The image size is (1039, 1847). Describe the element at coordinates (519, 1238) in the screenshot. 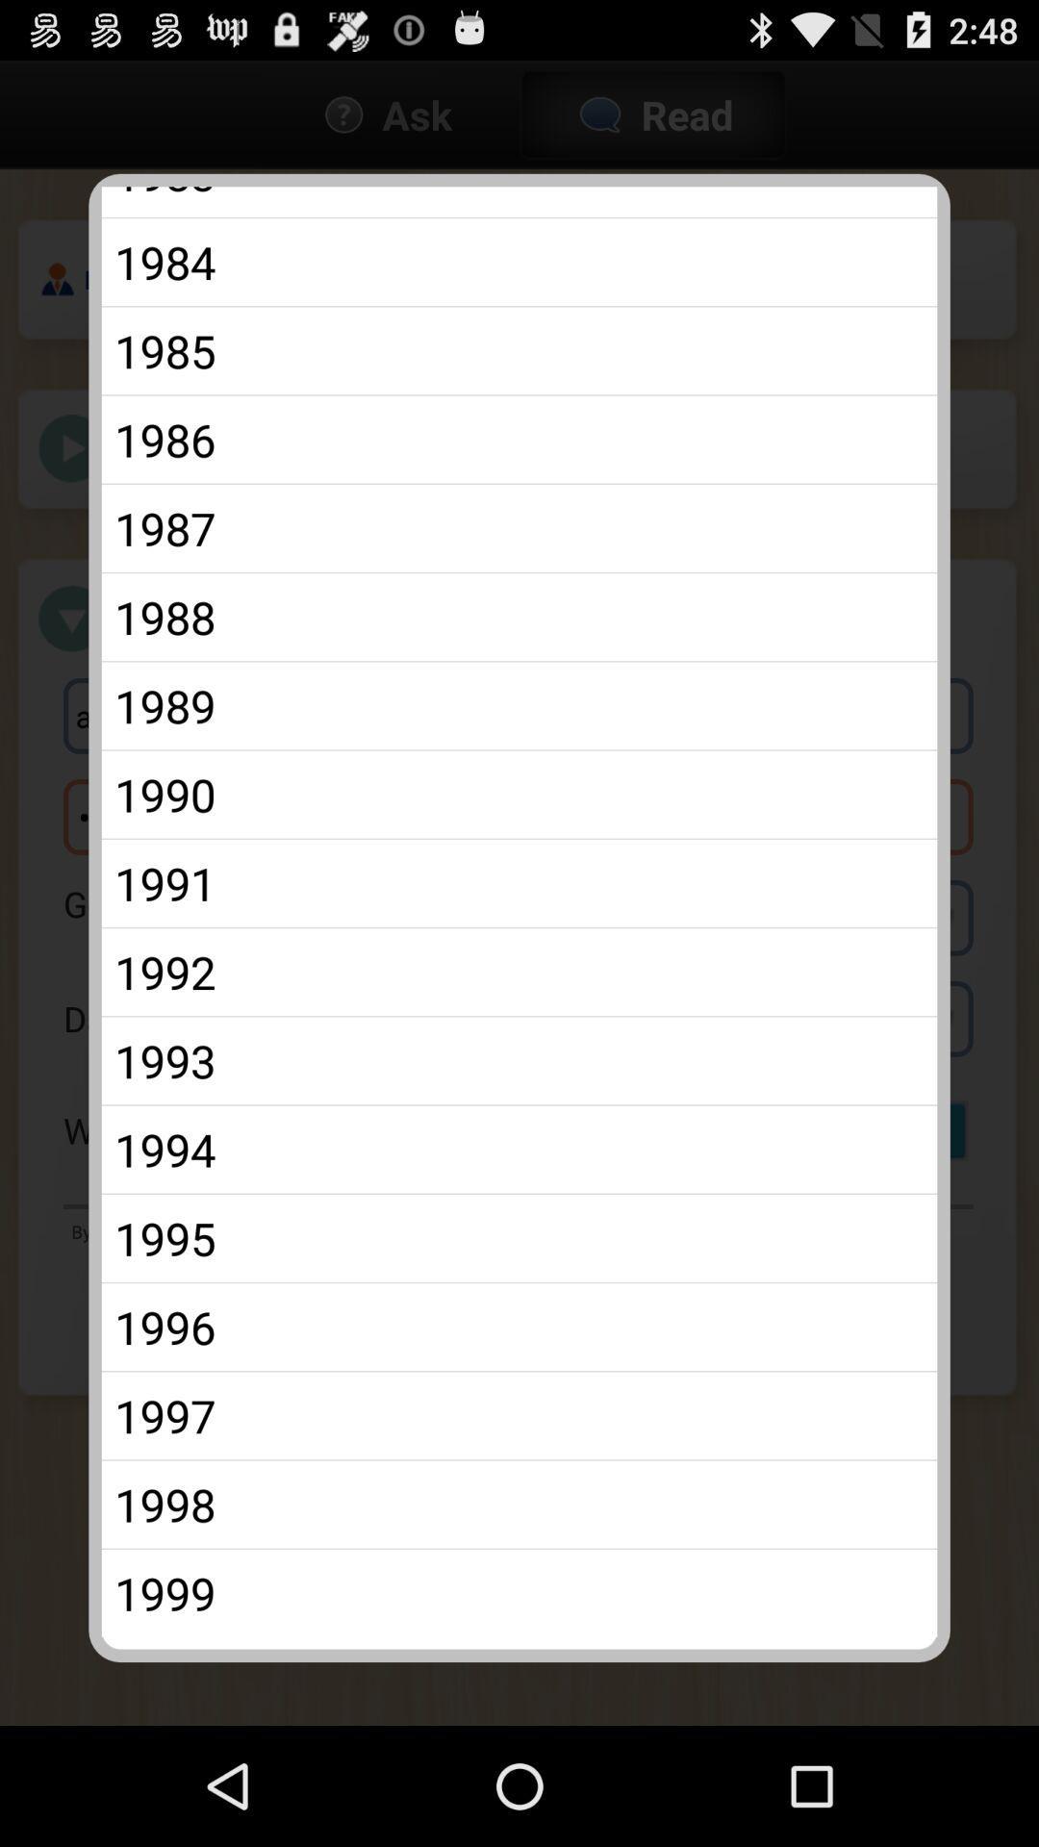

I see `the item below the 1994 icon` at that location.